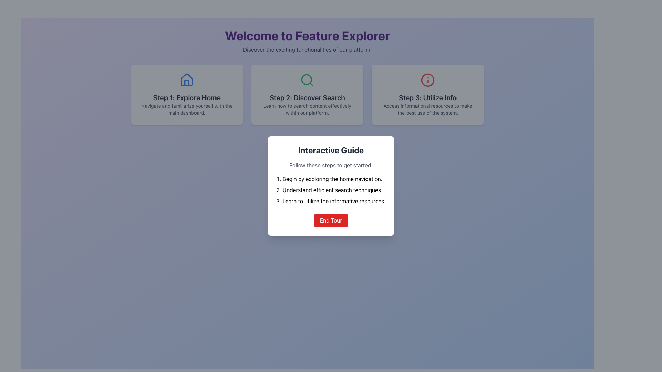 The image size is (662, 372). Describe the element at coordinates (331, 190) in the screenshot. I see `the second item in the numbered list that reads 'Understand efficient search techniques.' within a white modal box on a soft blue background` at that location.